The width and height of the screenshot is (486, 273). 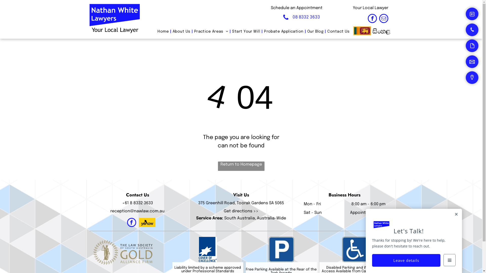 I want to click on 'Get directions >>', so click(x=223, y=211).